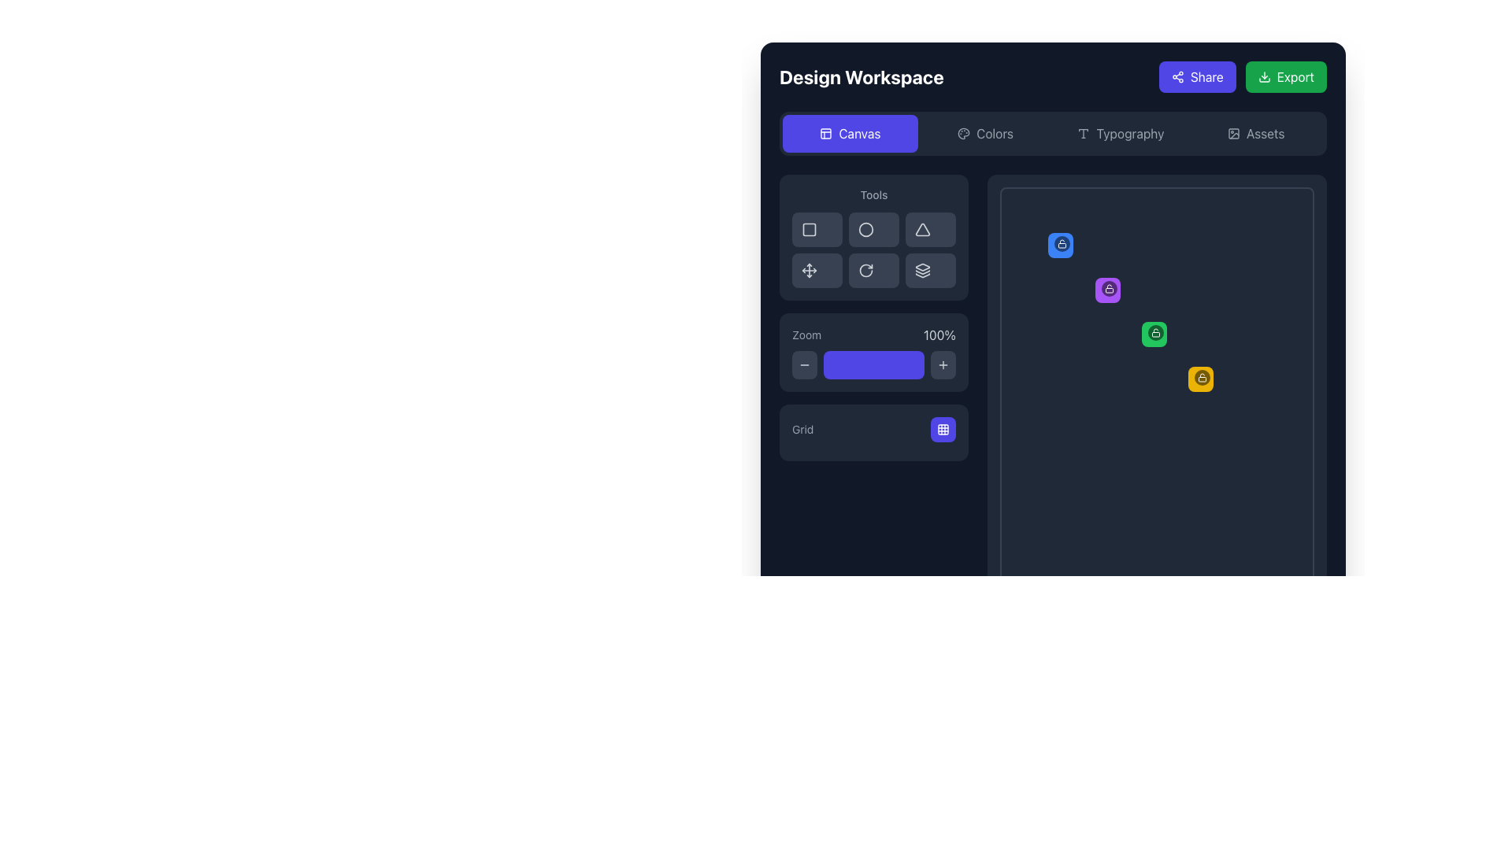  I want to click on the green, square-shaped button with rounded edges and a white lock icon in the center, so click(1154, 334).